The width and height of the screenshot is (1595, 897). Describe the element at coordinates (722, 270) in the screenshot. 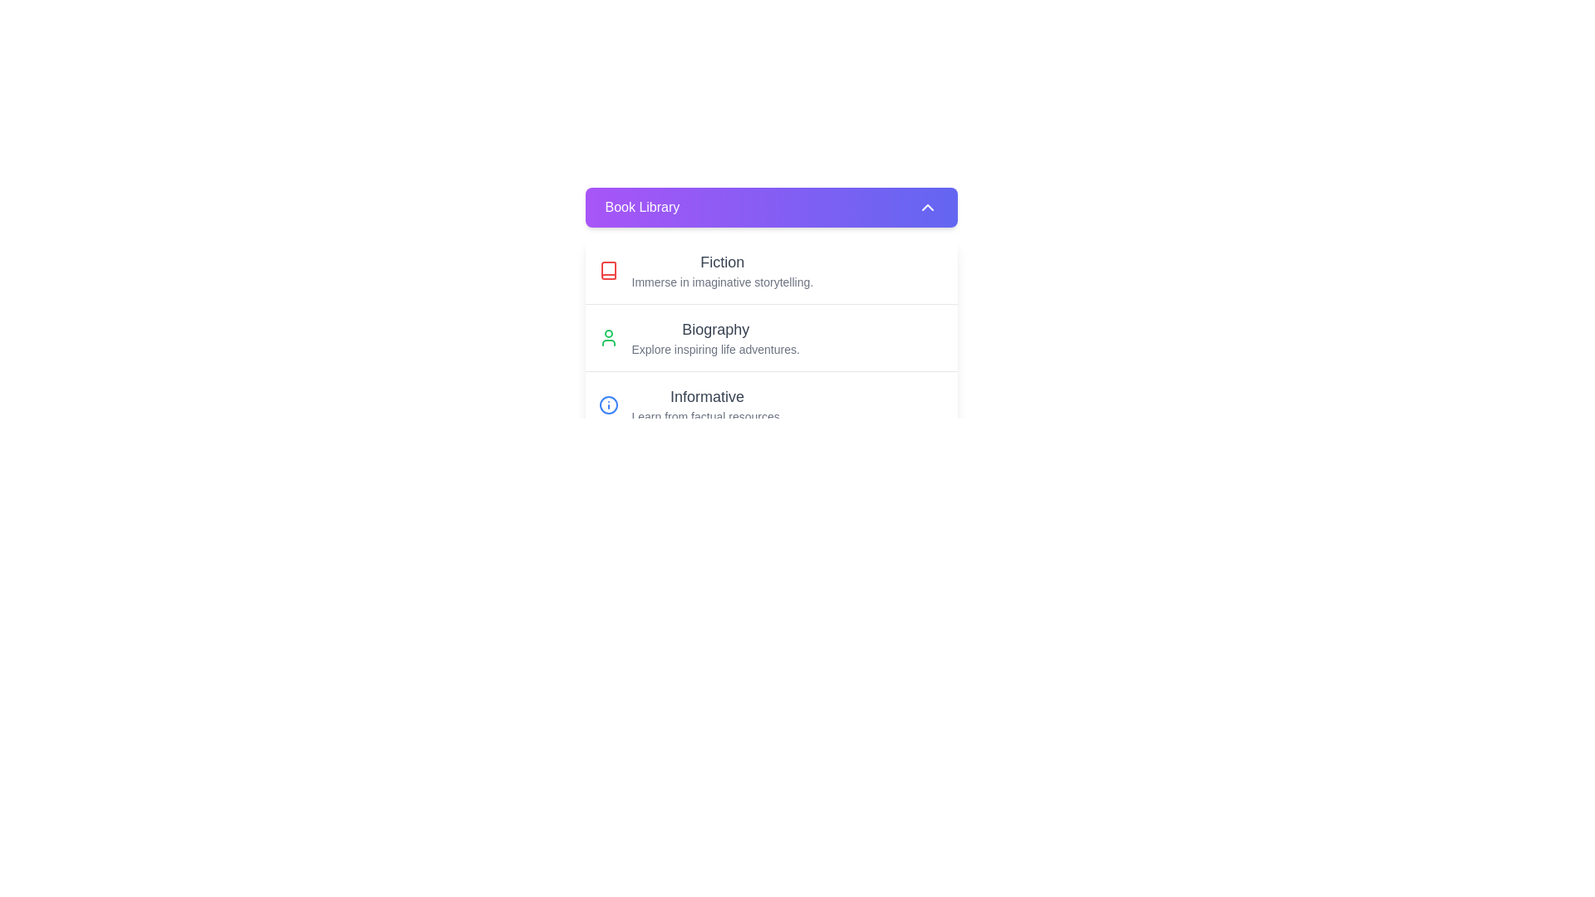

I see `the 'Fiction' menu item, which features a bold title and a description` at that location.